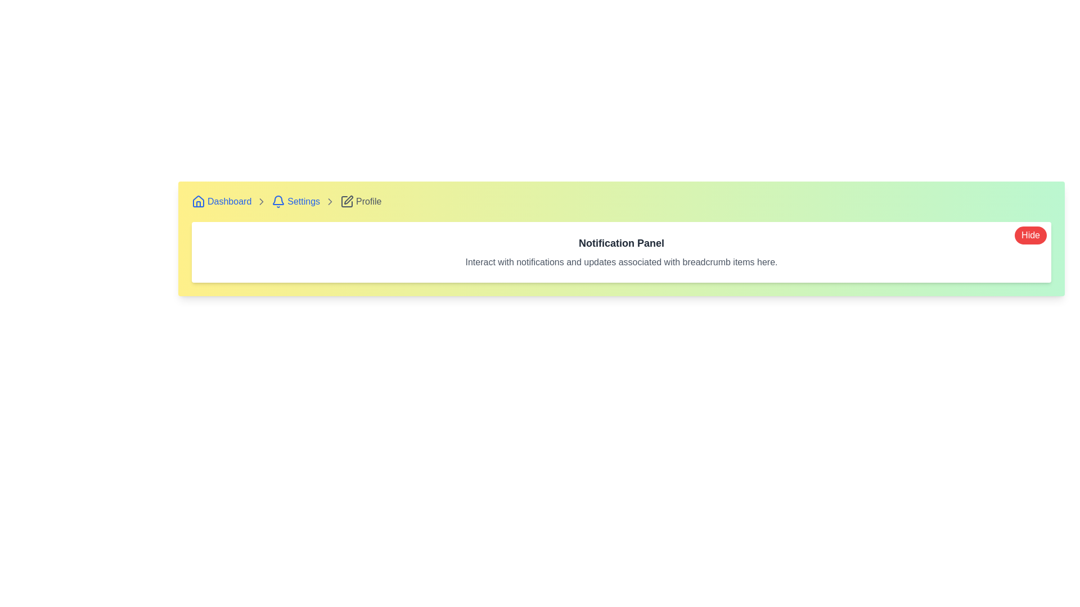  What do you see at coordinates (296, 201) in the screenshot?
I see `the 'Settings' hyperlink, which is styled as an inline-flex component with a blue bell icon` at bounding box center [296, 201].